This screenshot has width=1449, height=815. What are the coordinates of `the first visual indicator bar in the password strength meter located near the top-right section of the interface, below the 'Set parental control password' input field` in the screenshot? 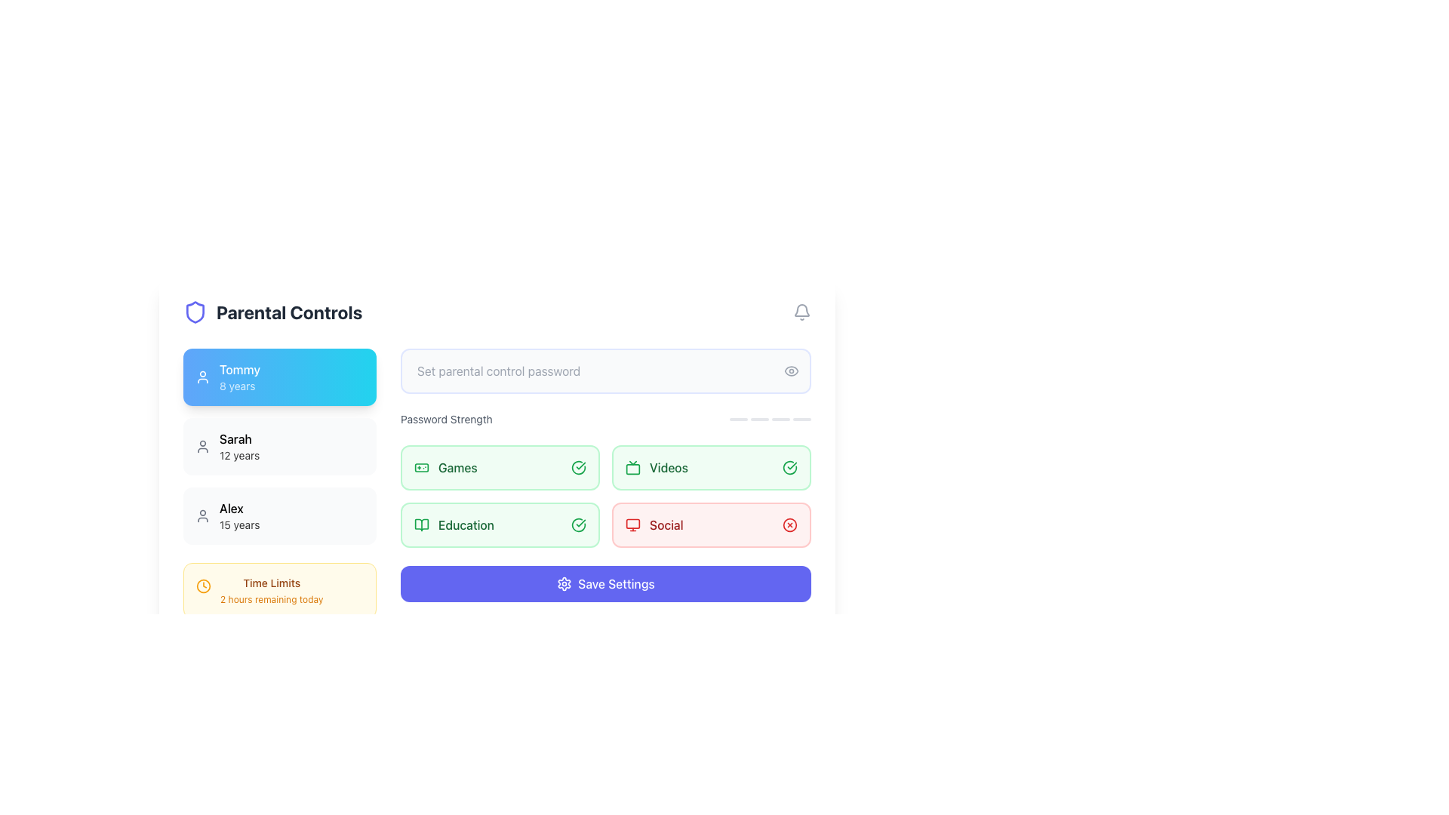 It's located at (739, 419).